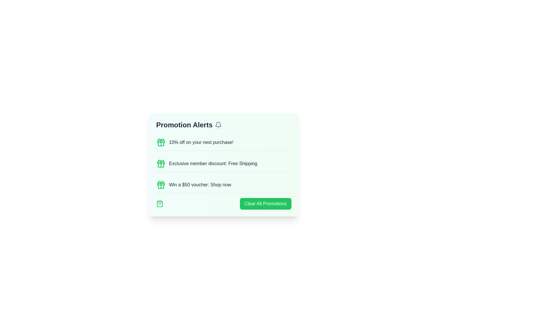 Image resolution: width=559 pixels, height=314 pixels. What do you see at coordinates (161, 165) in the screenshot?
I see `the decorative graphic element styled with a green outline, part of the second icon under 'Promotion Alerts', next to the text 'Exclusive member discount: Free Shipping.'` at bounding box center [161, 165].